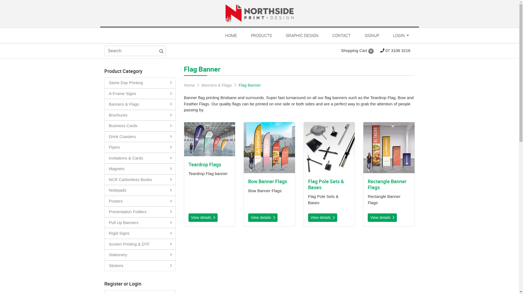 The width and height of the screenshot is (523, 294). I want to click on 'Shopping Cart 0', so click(357, 50).